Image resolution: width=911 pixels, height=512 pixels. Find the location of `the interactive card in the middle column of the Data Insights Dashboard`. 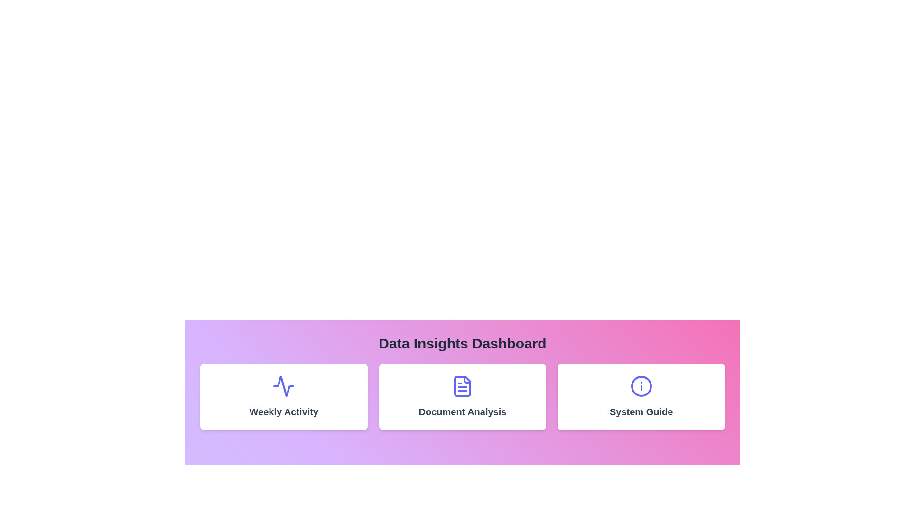

the interactive card in the middle column of the Data Insights Dashboard is located at coordinates (462, 397).